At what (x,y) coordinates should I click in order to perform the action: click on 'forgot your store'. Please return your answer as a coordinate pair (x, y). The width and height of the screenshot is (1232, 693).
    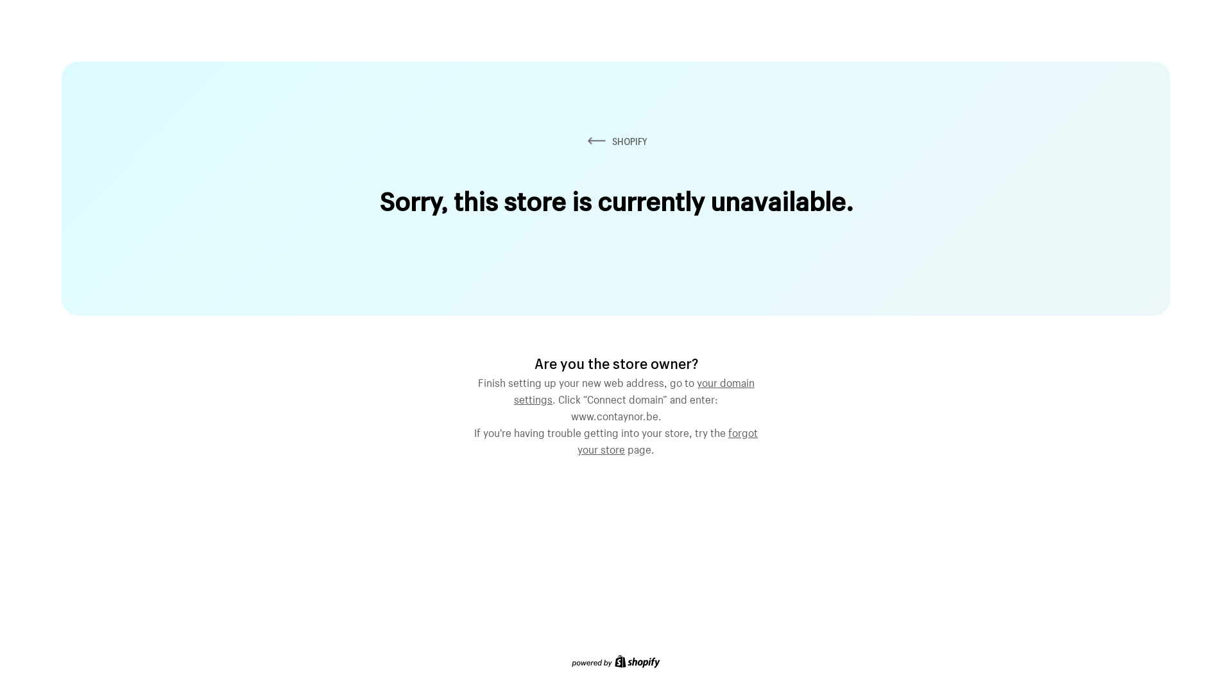
    Looking at the image, I should click on (667, 439).